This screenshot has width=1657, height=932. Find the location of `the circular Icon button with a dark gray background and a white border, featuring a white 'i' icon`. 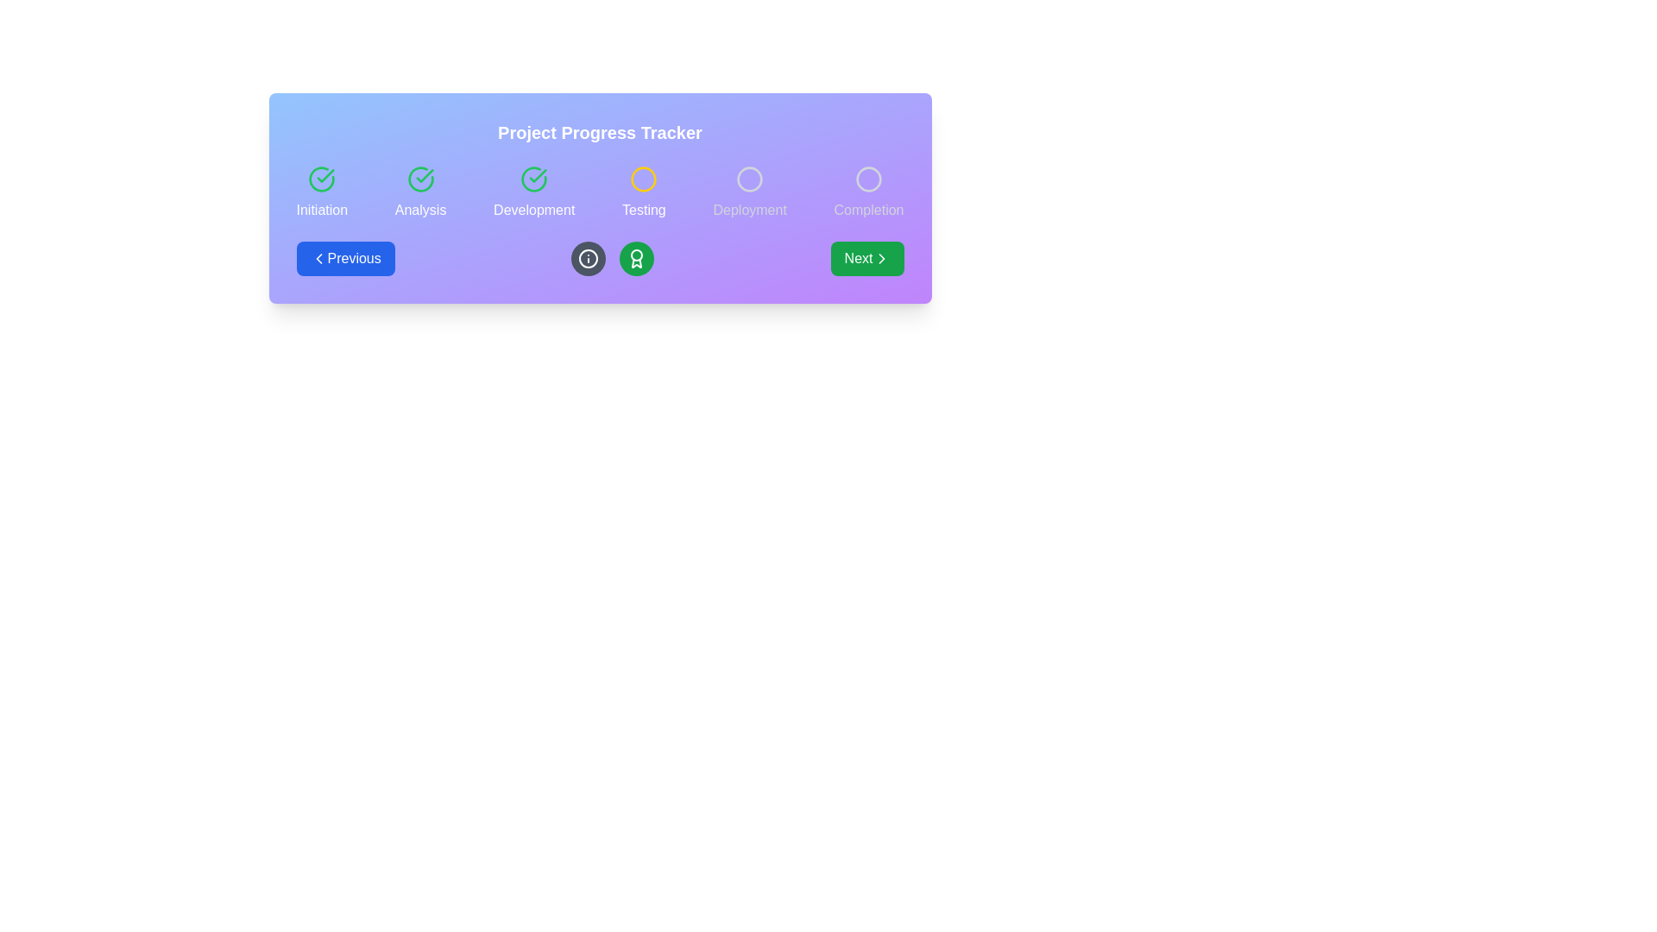

the circular Icon button with a dark gray background and a white border, featuring a white 'i' icon is located at coordinates (600, 259).